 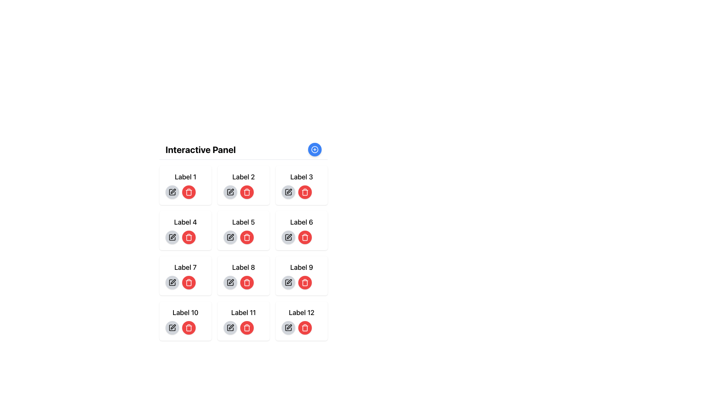 What do you see at coordinates (302, 321) in the screenshot?
I see `the trash button located in the bottom-right corner of the grid layout, which allows the user` at bounding box center [302, 321].